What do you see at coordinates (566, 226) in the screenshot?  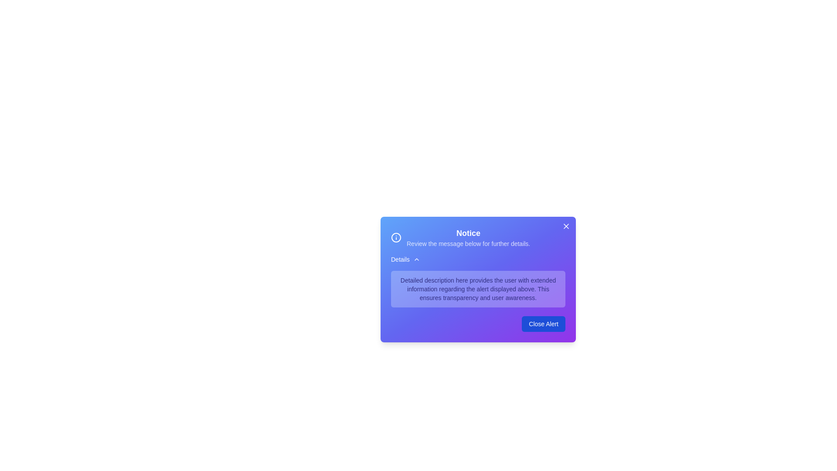 I see `the 'X' button in the top-right corner of the alert to dismiss it` at bounding box center [566, 226].